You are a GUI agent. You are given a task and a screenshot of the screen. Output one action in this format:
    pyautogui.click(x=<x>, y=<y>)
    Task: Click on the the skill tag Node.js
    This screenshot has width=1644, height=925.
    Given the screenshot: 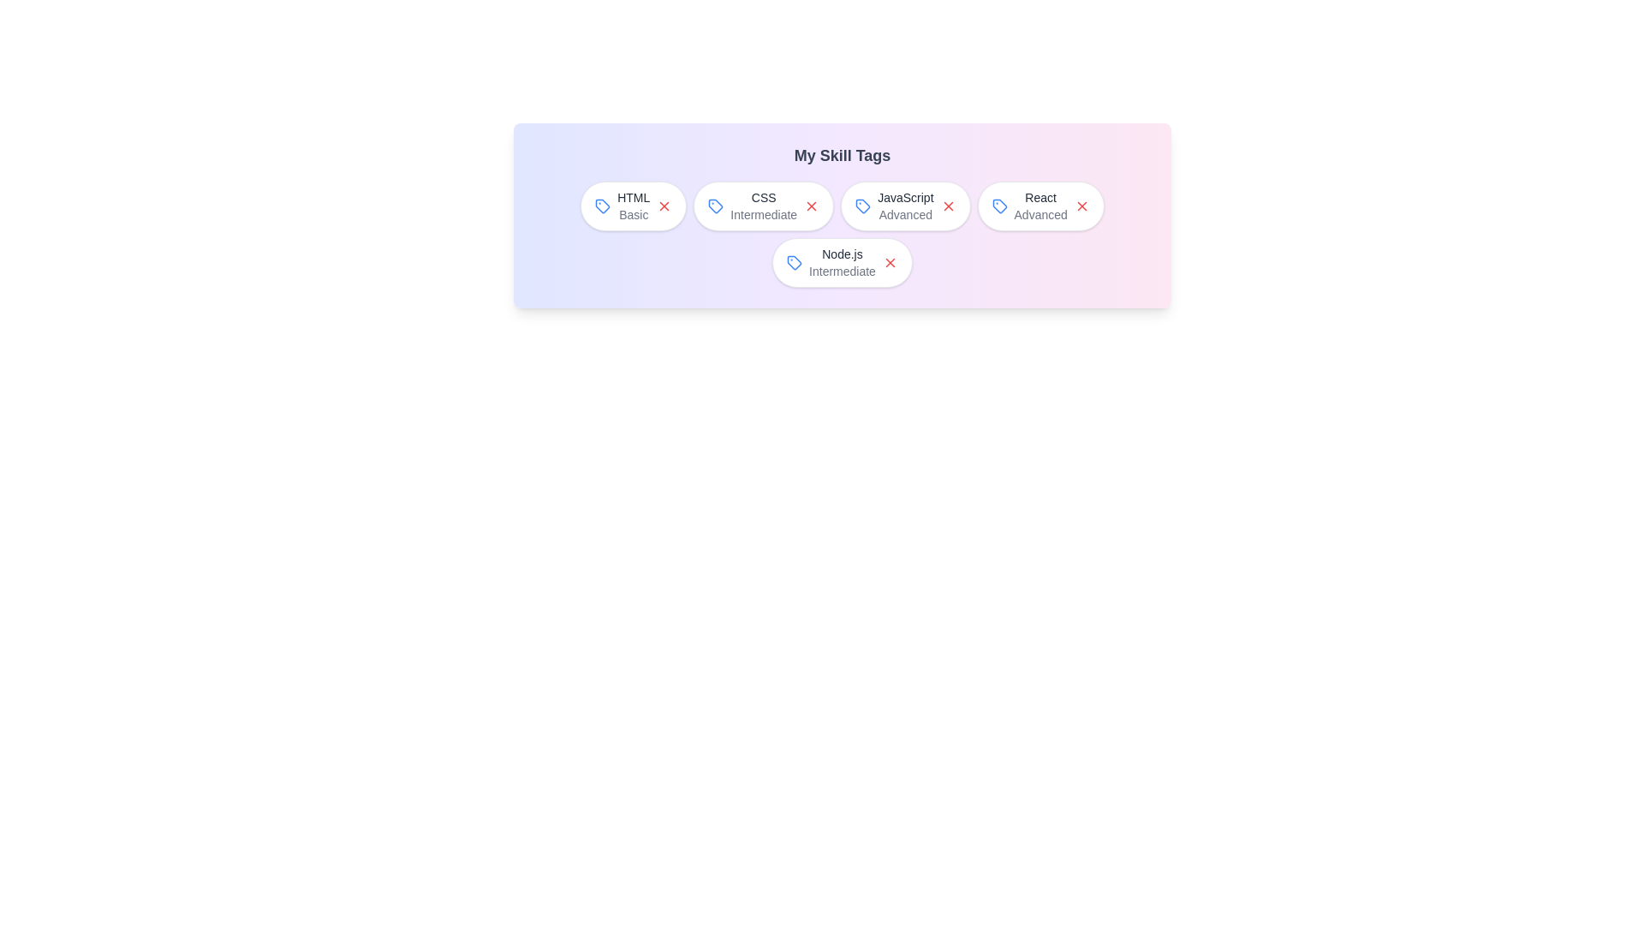 What is the action you would take?
    pyautogui.click(x=842, y=263)
    